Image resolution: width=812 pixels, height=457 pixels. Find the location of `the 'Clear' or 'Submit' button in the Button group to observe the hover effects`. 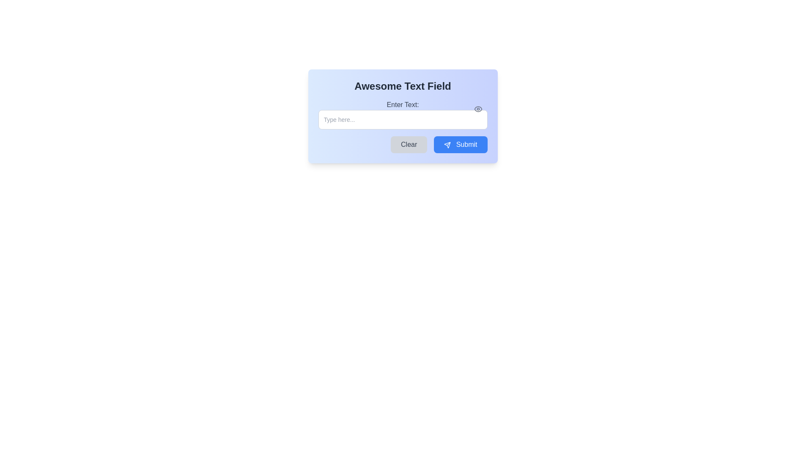

the 'Clear' or 'Submit' button in the Button group to observe the hover effects is located at coordinates (402, 144).